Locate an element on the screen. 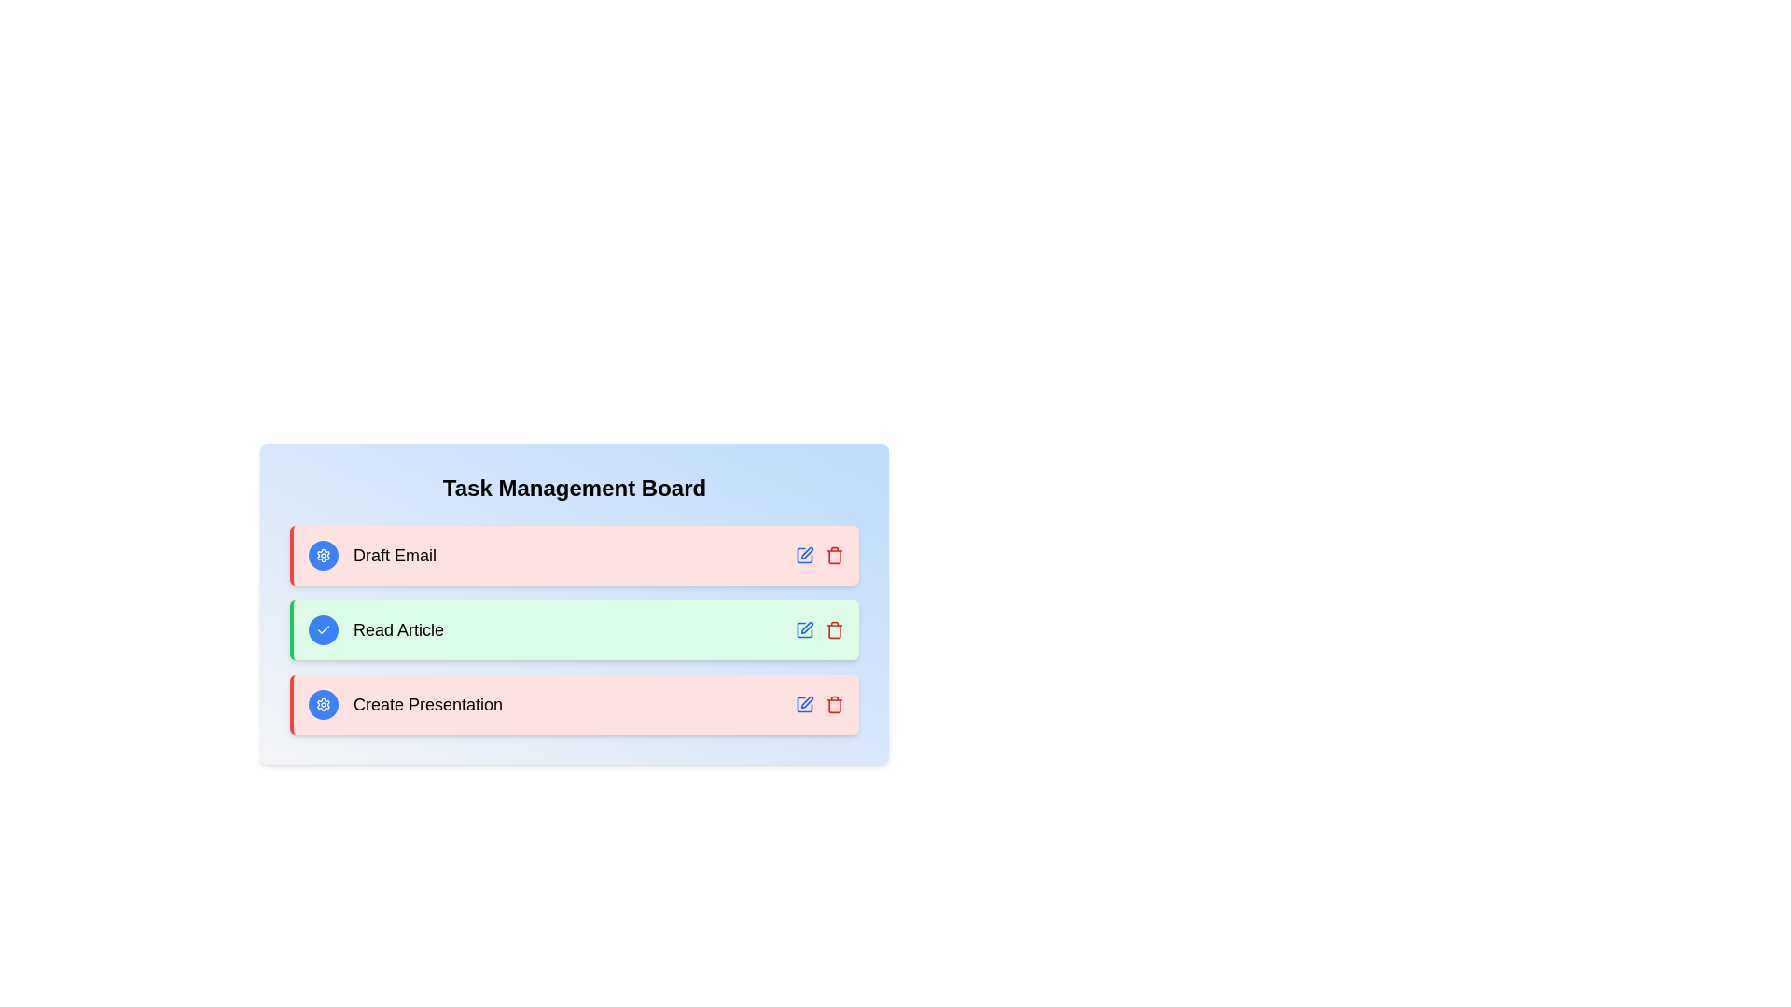  the trash icon to delete the task Draft Email is located at coordinates (833, 555).